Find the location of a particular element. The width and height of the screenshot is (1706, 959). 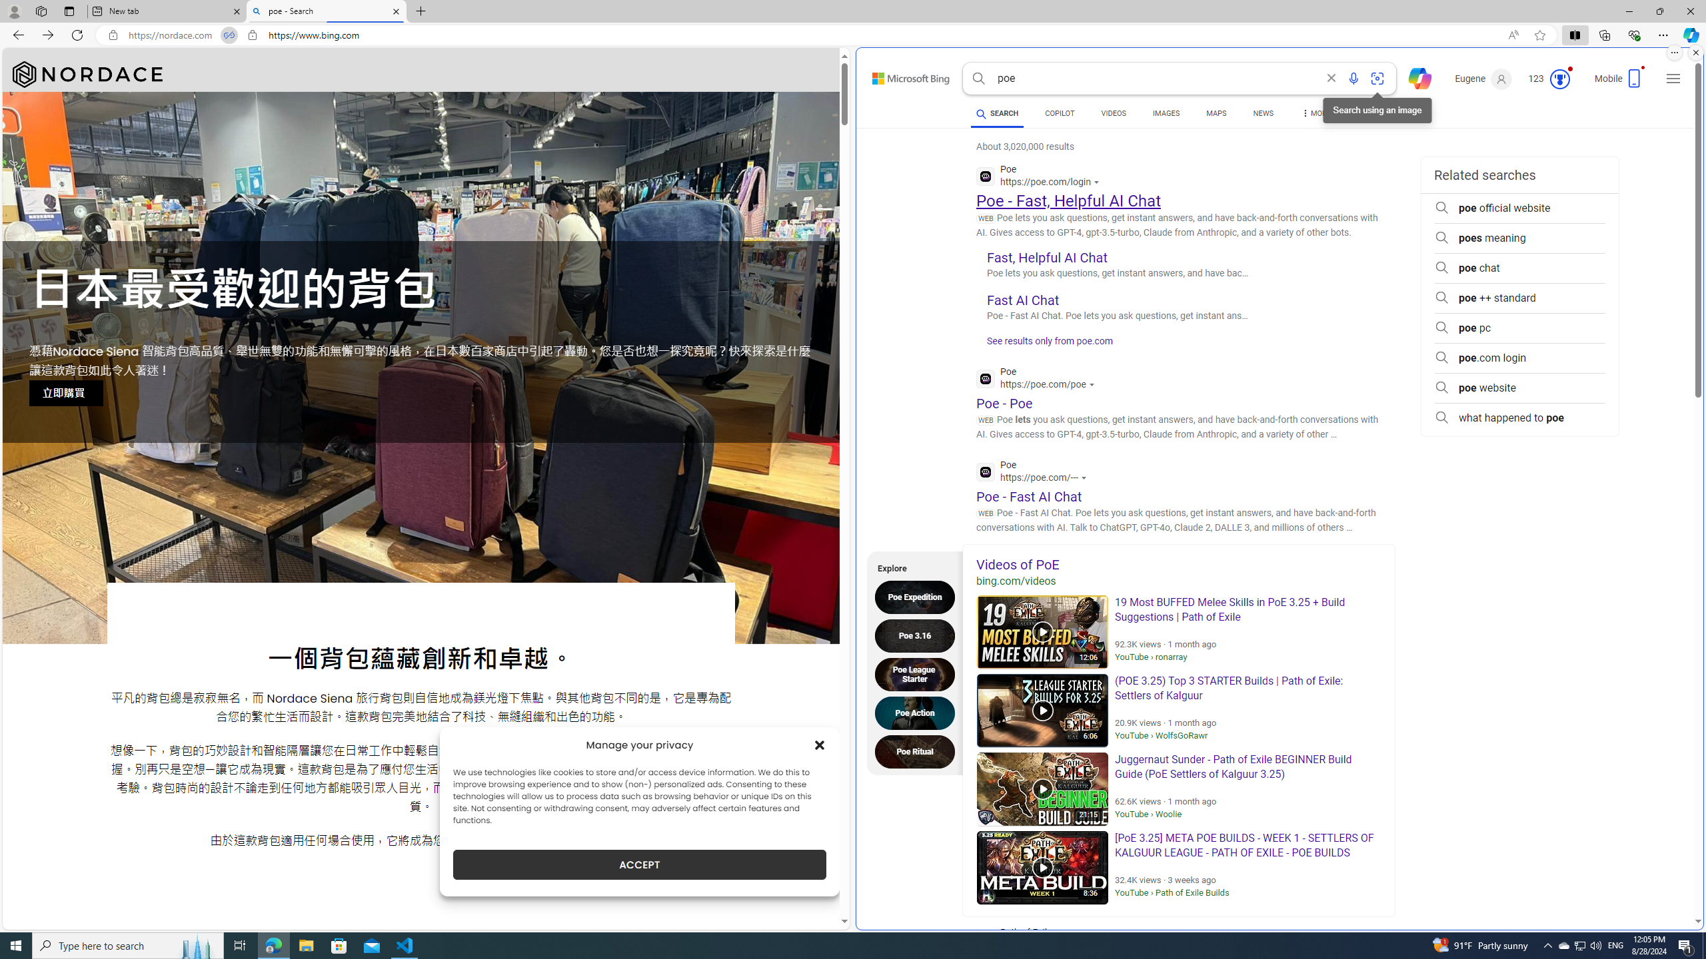

'MAPS' is located at coordinates (1216, 115).